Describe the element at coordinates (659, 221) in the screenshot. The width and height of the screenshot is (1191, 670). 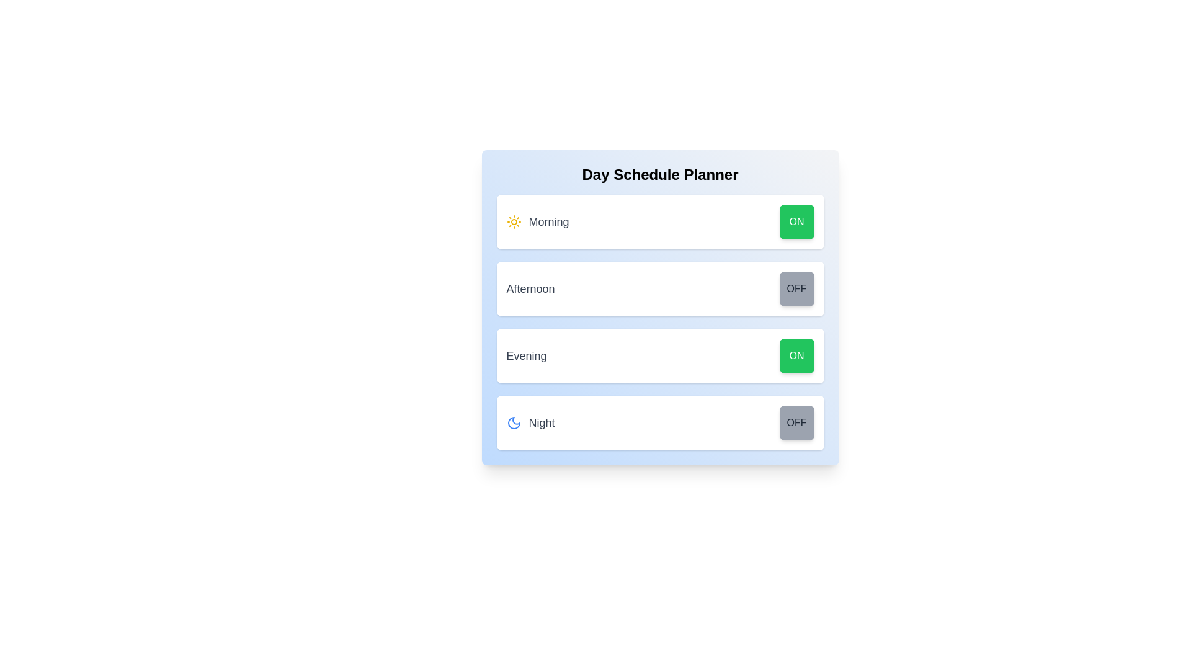
I see `the Morning row to highlight or focus it` at that location.